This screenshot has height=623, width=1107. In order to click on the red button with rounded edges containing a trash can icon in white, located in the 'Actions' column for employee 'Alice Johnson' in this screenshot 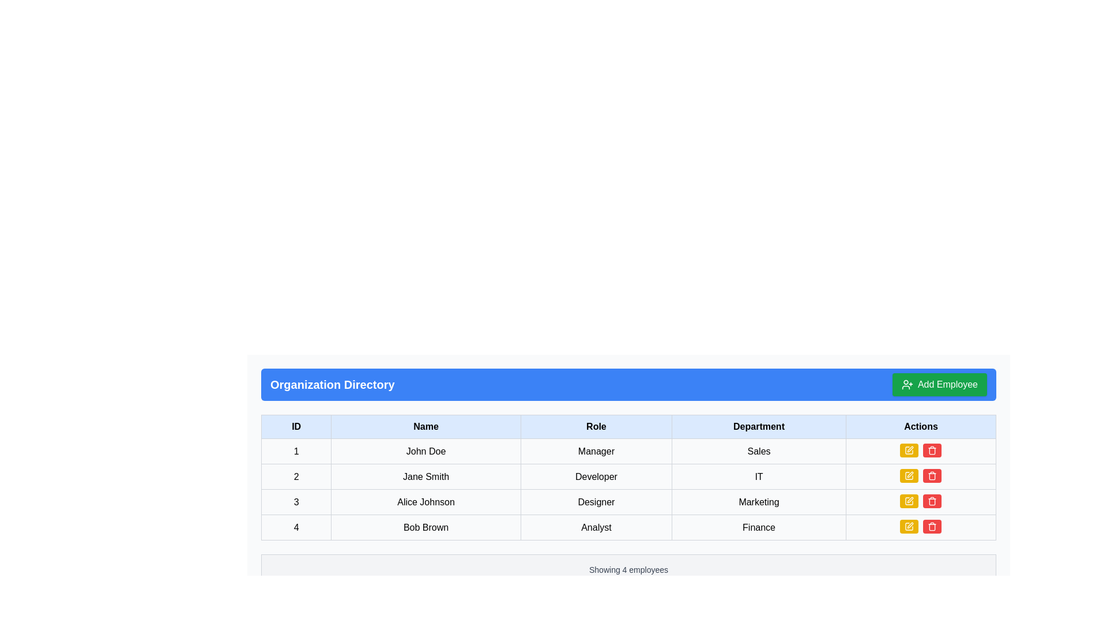, I will do `click(932, 500)`.